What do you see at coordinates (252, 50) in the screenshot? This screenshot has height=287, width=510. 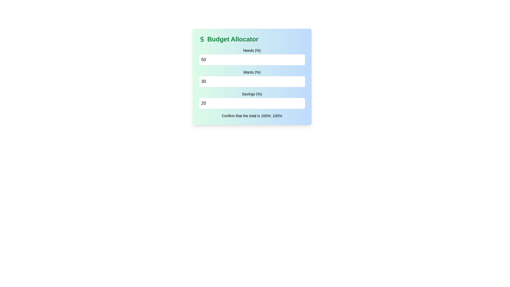 I see `the static text label displaying 'Needs (%)' which is centrally aligned in the blue section above the numerical input field labeled '50'` at bounding box center [252, 50].